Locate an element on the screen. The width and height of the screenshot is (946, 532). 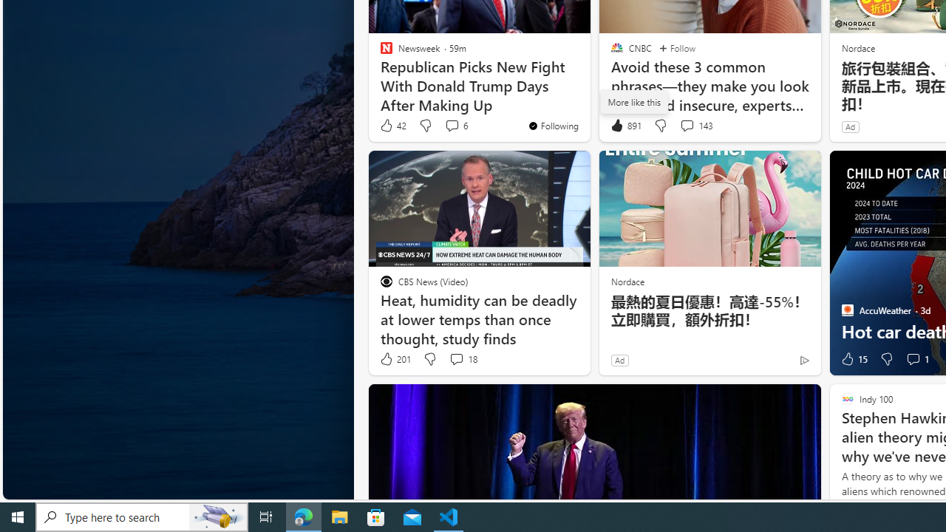
'View comments 143 Comment' is located at coordinates (695, 125).